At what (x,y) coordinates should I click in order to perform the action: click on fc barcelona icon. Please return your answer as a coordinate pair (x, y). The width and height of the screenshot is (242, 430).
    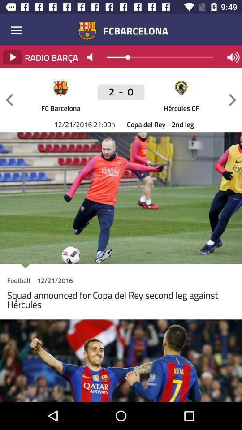
    Looking at the image, I should click on (60, 107).